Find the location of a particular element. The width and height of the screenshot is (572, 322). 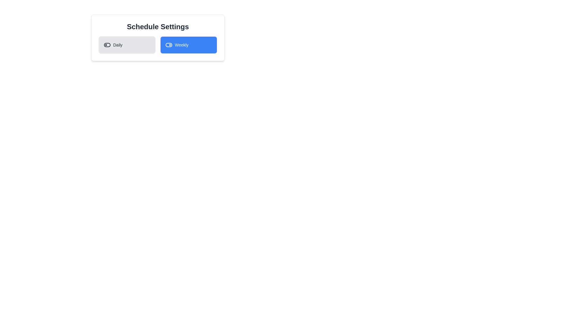

the left-aligned toggle switch inside the 'Daily' button is located at coordinates (107, 44).